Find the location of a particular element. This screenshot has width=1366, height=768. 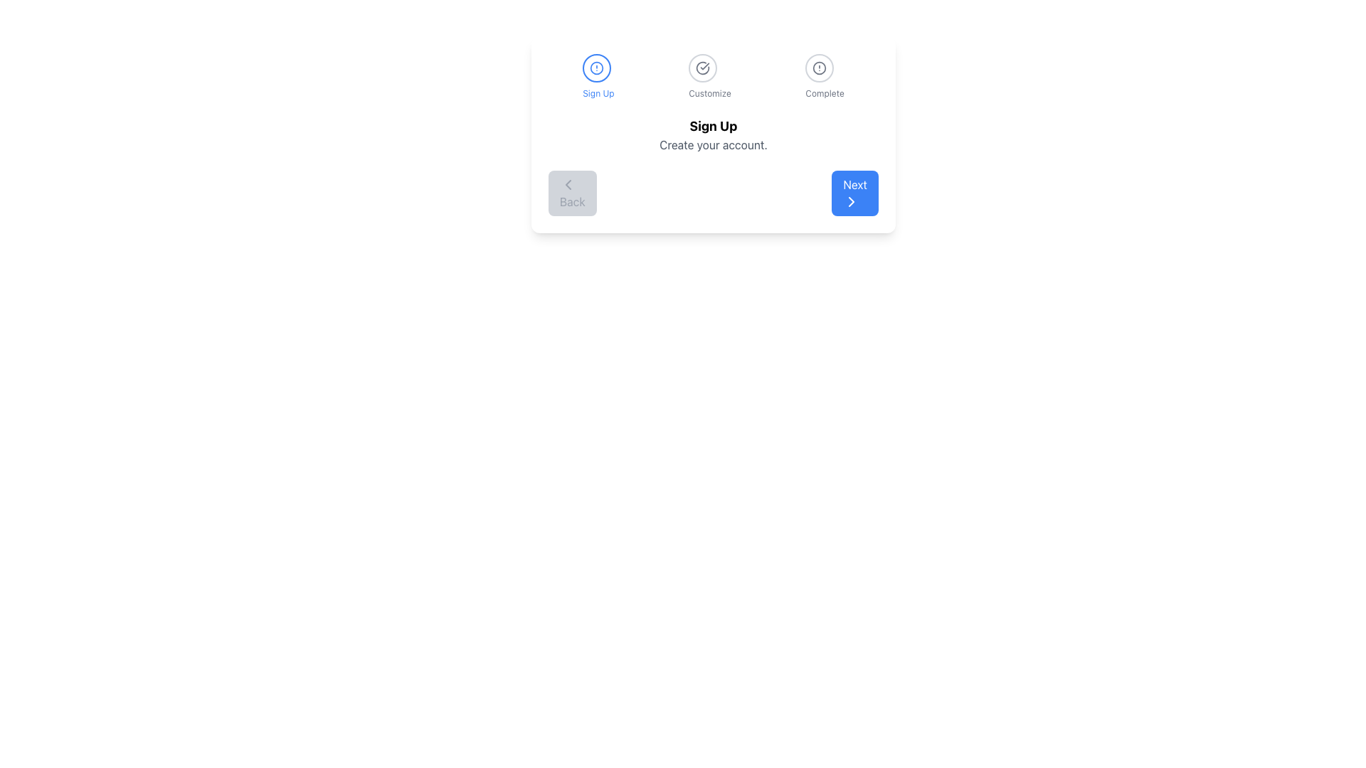

the highlighted step indicator for the 'Customize' step in the multi-step process, which is centrally aligned above the 'Sign Up' title is located at coordinates (714, 77).